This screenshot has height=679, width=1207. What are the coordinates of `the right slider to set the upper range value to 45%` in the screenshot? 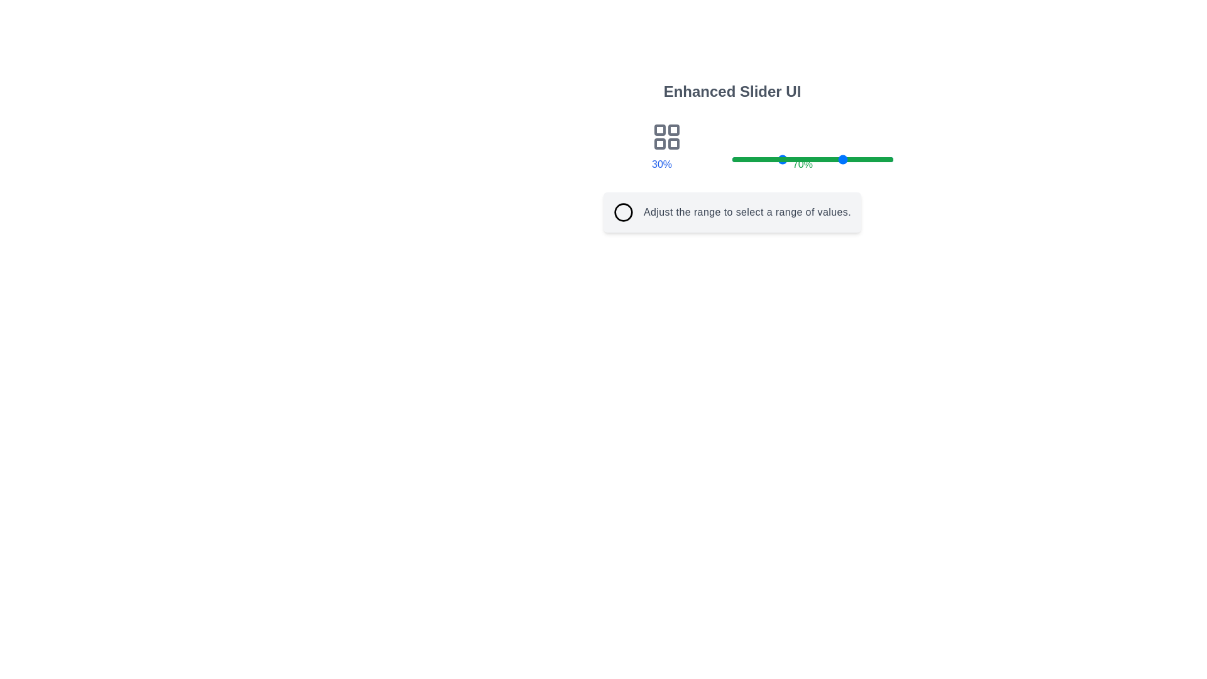 It's located at (805, 159).